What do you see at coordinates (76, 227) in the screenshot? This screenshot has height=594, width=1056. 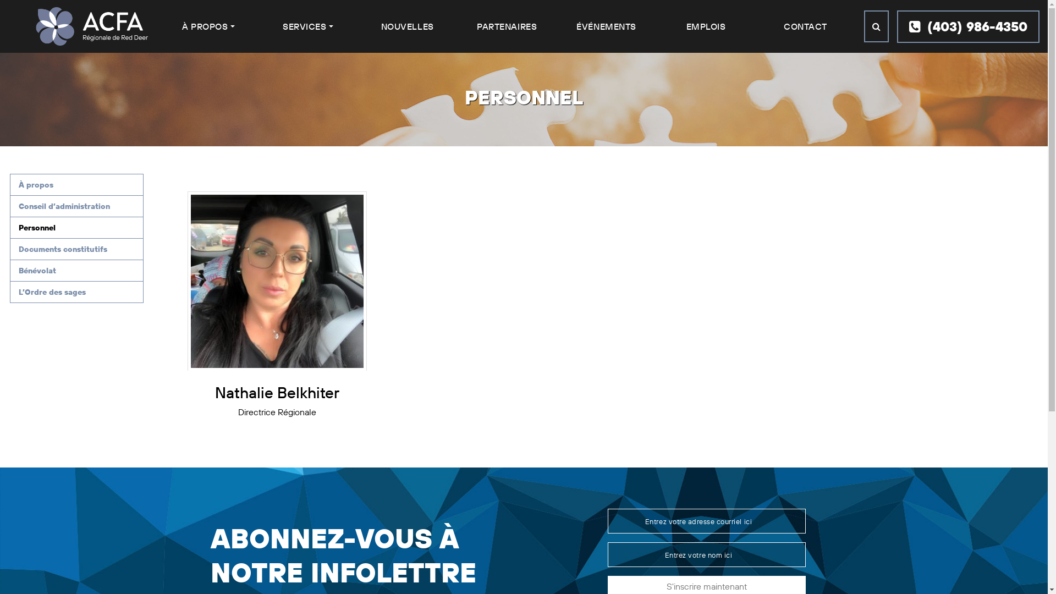 I see `'Personnel'` at bounding box center [76, 227].